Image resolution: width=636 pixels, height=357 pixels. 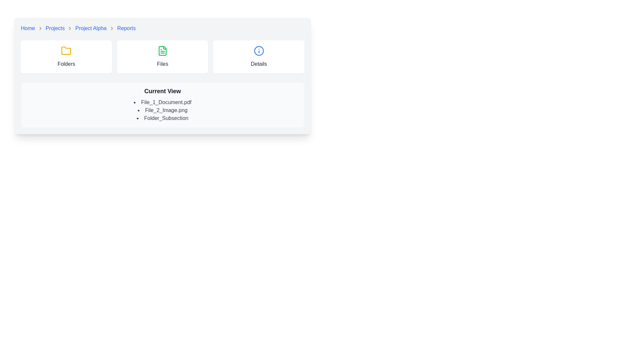 What do you see at coordinates (112, 28) in the screenshot?
I see `the right-facing chevron icon in the breadcrumb navigation bar, which is the fourth icon located between 'Project Alpha' and 'Reports'` at bounding box center [112, 28].